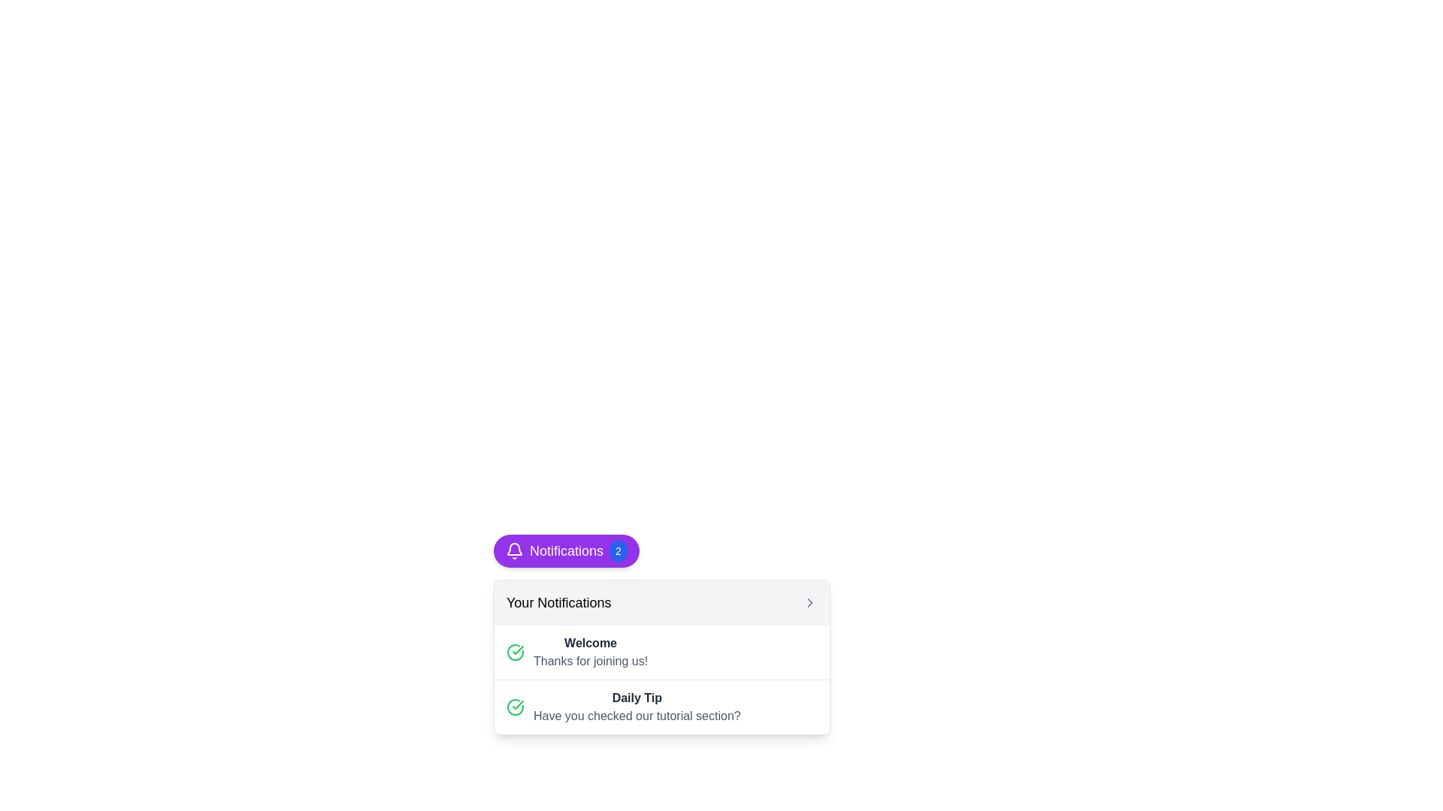 This screenshot has width=1443, height=811. What do you see at coordinates (661, 707) in the screenshot?
I see `the second notification in the 'Your Notifications' section which contains a green checkmark icon and the text 'Daily Tip' followed by 'Have you checked our tutorial section?'` at bounding box center [661, 707].